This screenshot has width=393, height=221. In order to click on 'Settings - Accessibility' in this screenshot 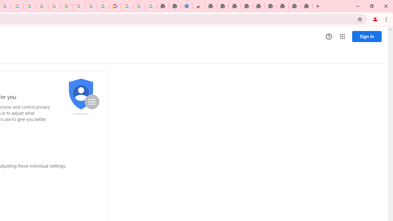, I will do `click(186, 6)`.